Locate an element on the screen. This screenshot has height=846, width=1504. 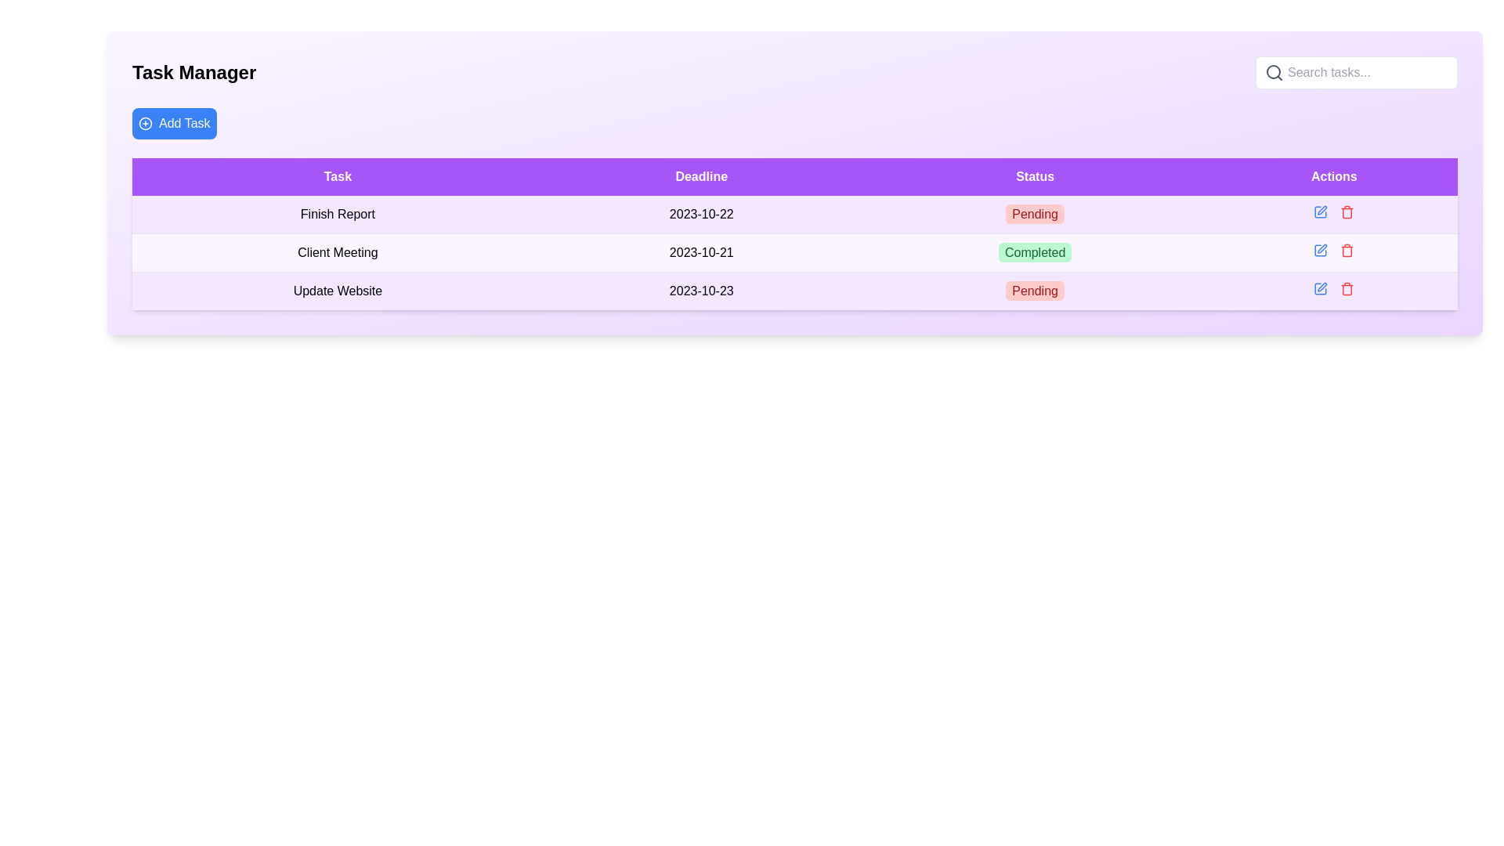
the text label styled as a status indicator in the third column labeled 'Status' of a task management table, which indicates the status as 'Pending' is located at coordinates (1035, 214).